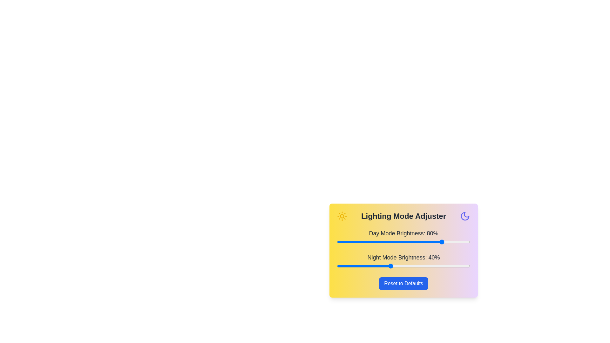  I want to click on the night mode brightness slider to 52%, so click(406, 266).